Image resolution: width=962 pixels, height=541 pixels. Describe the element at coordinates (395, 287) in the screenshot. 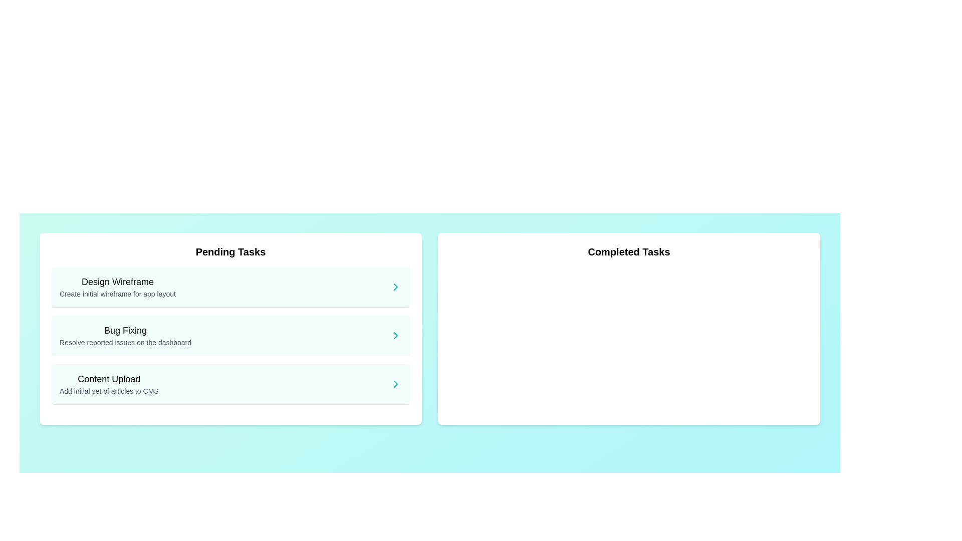

I see `the navigation icon located to the far right of the 'Design Wireframe' task entry in the 'Pending Tasks' section` at that location.